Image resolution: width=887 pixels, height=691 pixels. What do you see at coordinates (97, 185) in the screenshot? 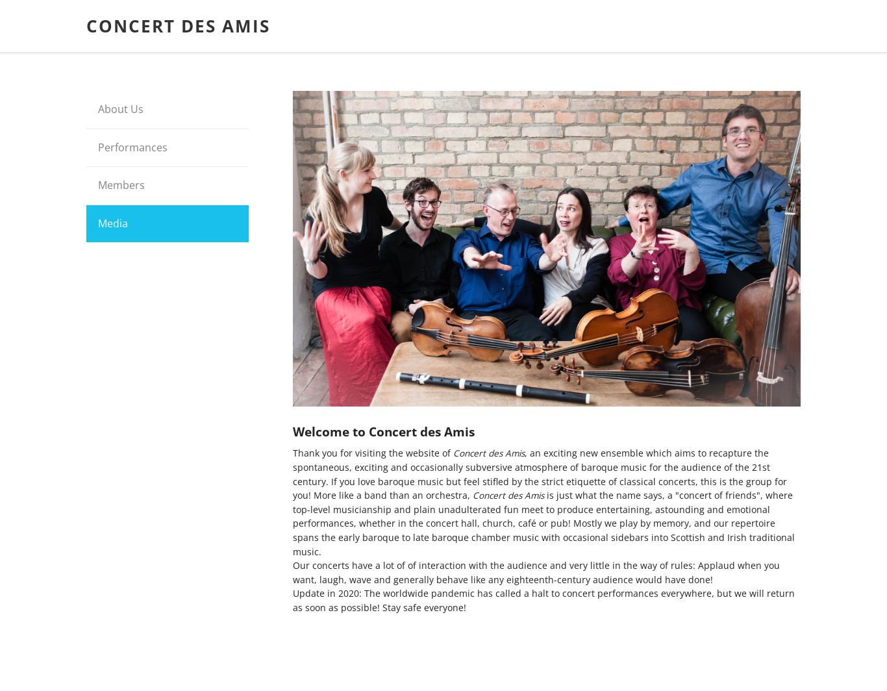
I see `'Members'` at bounding box center [97, 185].